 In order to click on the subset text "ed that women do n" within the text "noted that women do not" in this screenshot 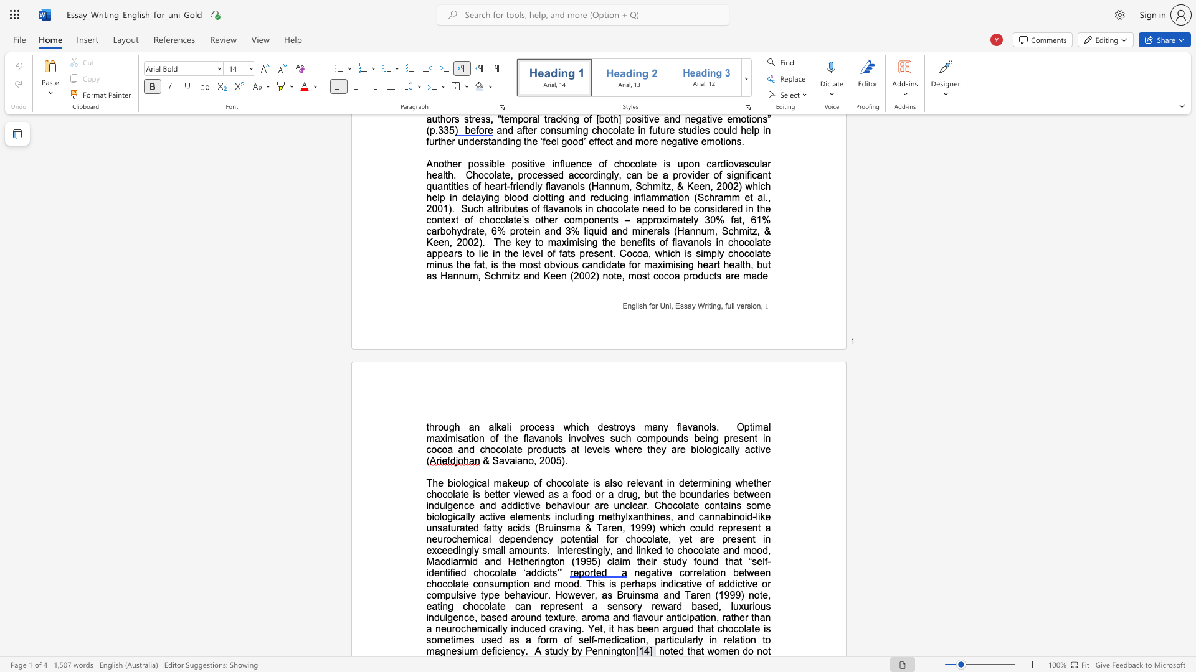, I will do `click(672, 650)`.